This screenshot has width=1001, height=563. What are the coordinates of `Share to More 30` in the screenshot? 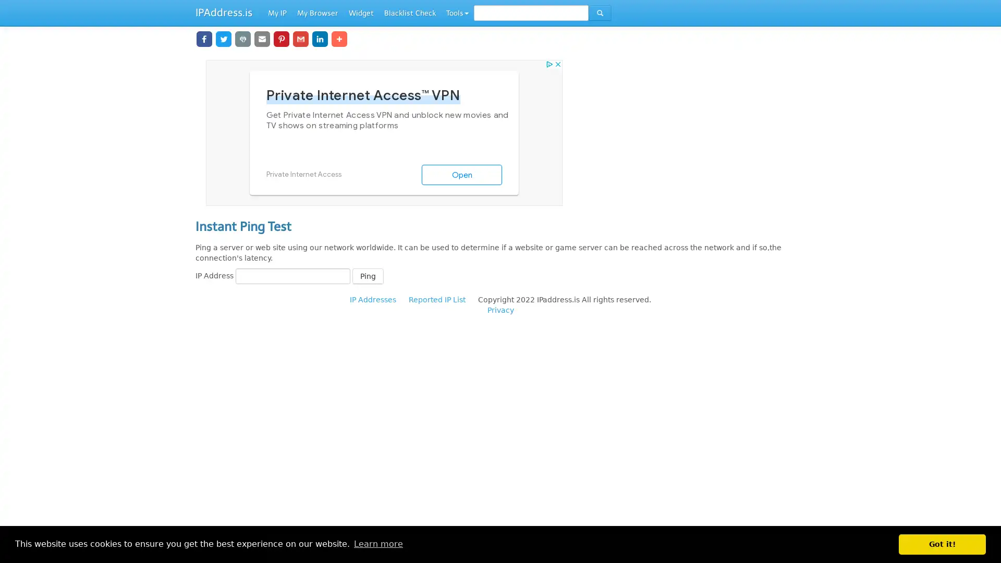 It's located at (336, 38).